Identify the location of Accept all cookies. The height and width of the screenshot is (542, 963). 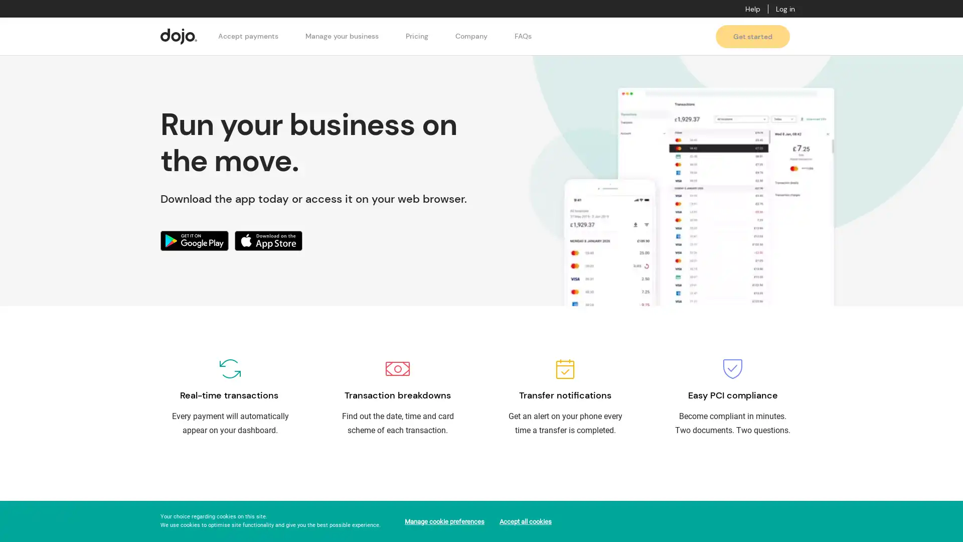
(525, 520).